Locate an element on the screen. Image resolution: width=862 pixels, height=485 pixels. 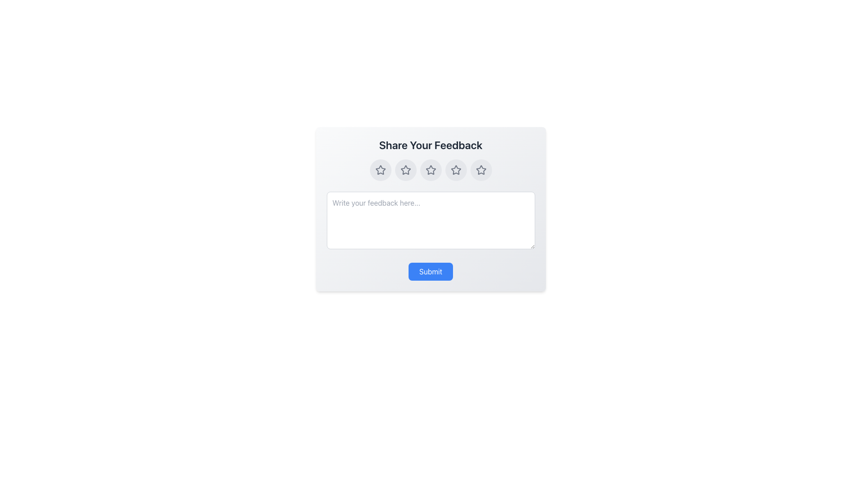
the second clickable star is located at coordinates (405, 170).